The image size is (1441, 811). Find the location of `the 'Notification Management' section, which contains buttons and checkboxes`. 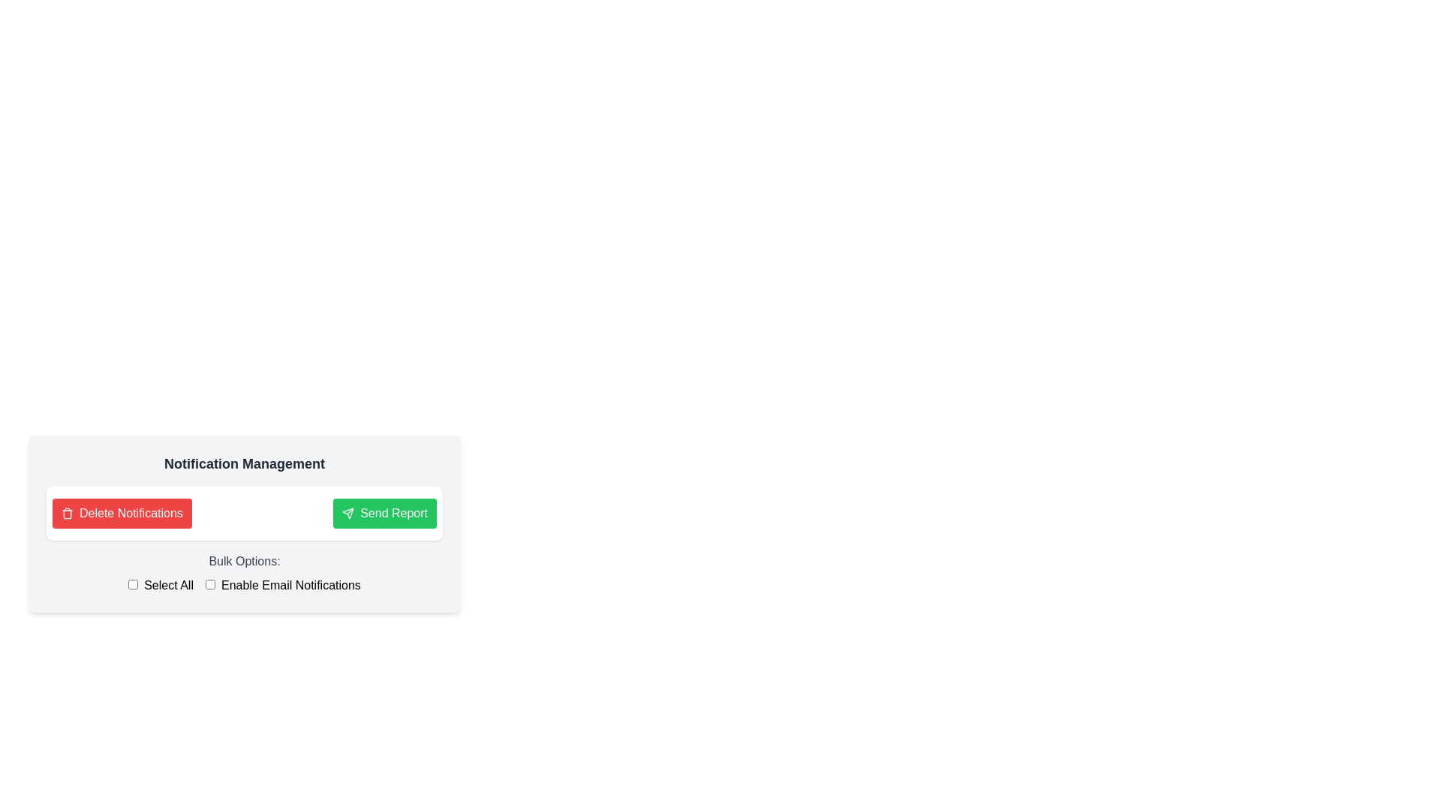

the 'Notification Management' section, which contains buttons and checkboxes is located at coordinates (341, 613).